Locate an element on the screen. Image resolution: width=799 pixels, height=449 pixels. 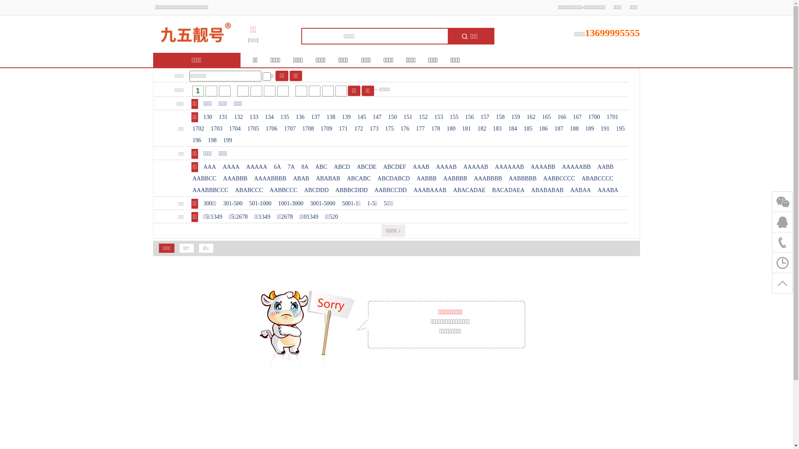
'301-500' is located at coordinates (233, 203).